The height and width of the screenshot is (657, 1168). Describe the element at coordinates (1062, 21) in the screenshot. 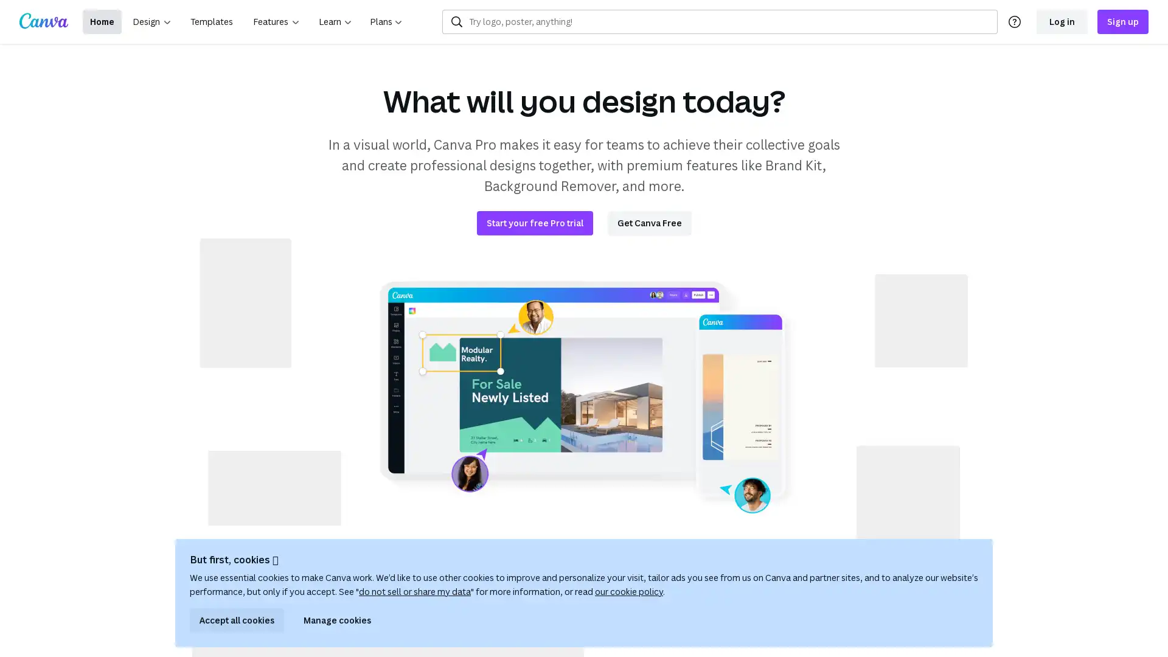

I see `Log in` at that location.